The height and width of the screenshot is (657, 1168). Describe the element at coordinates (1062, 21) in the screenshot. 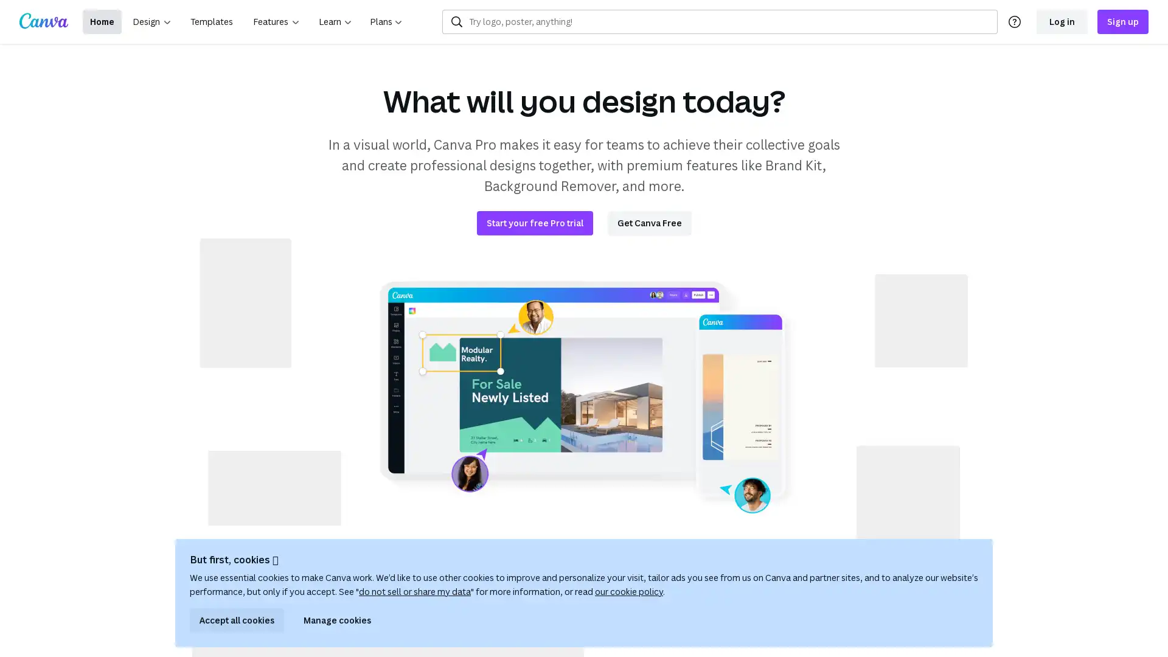

I see `Log in` at that location.